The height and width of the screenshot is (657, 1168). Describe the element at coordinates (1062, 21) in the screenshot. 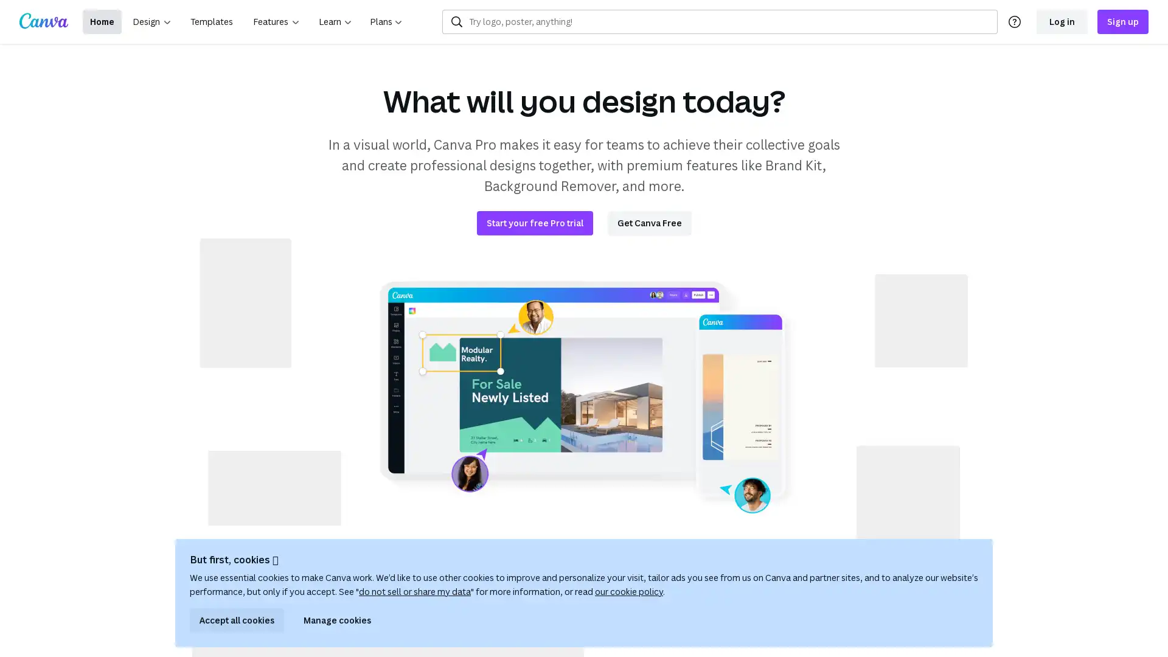

I see `Log in` at that location.